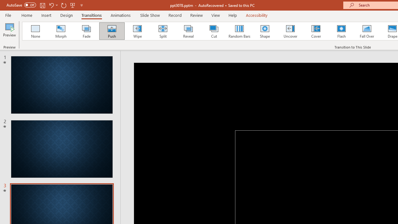  What do you see at coordinates (265, 31) in the screenshot?
I see `'Shape'` at bounding box center [265, 31].